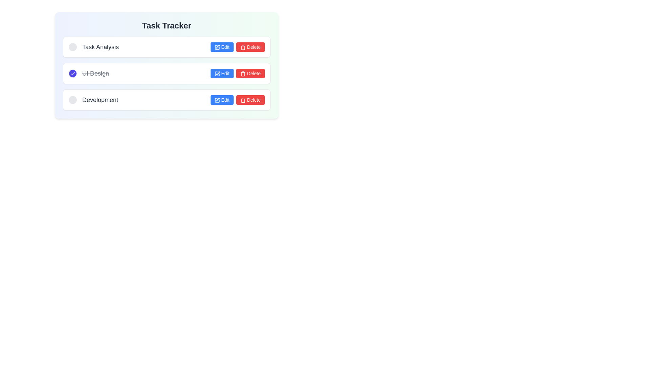 The width and height of the screenshot is (650, 366). What do you see at coordinates (73, 73) in the screenshot?
I see `the checkmark icon with a rounded border, which is white and set against a purple circular background, located in the 'Task Tracker' list beside the 'UI Design' entry` at bounding box center [73, 73].